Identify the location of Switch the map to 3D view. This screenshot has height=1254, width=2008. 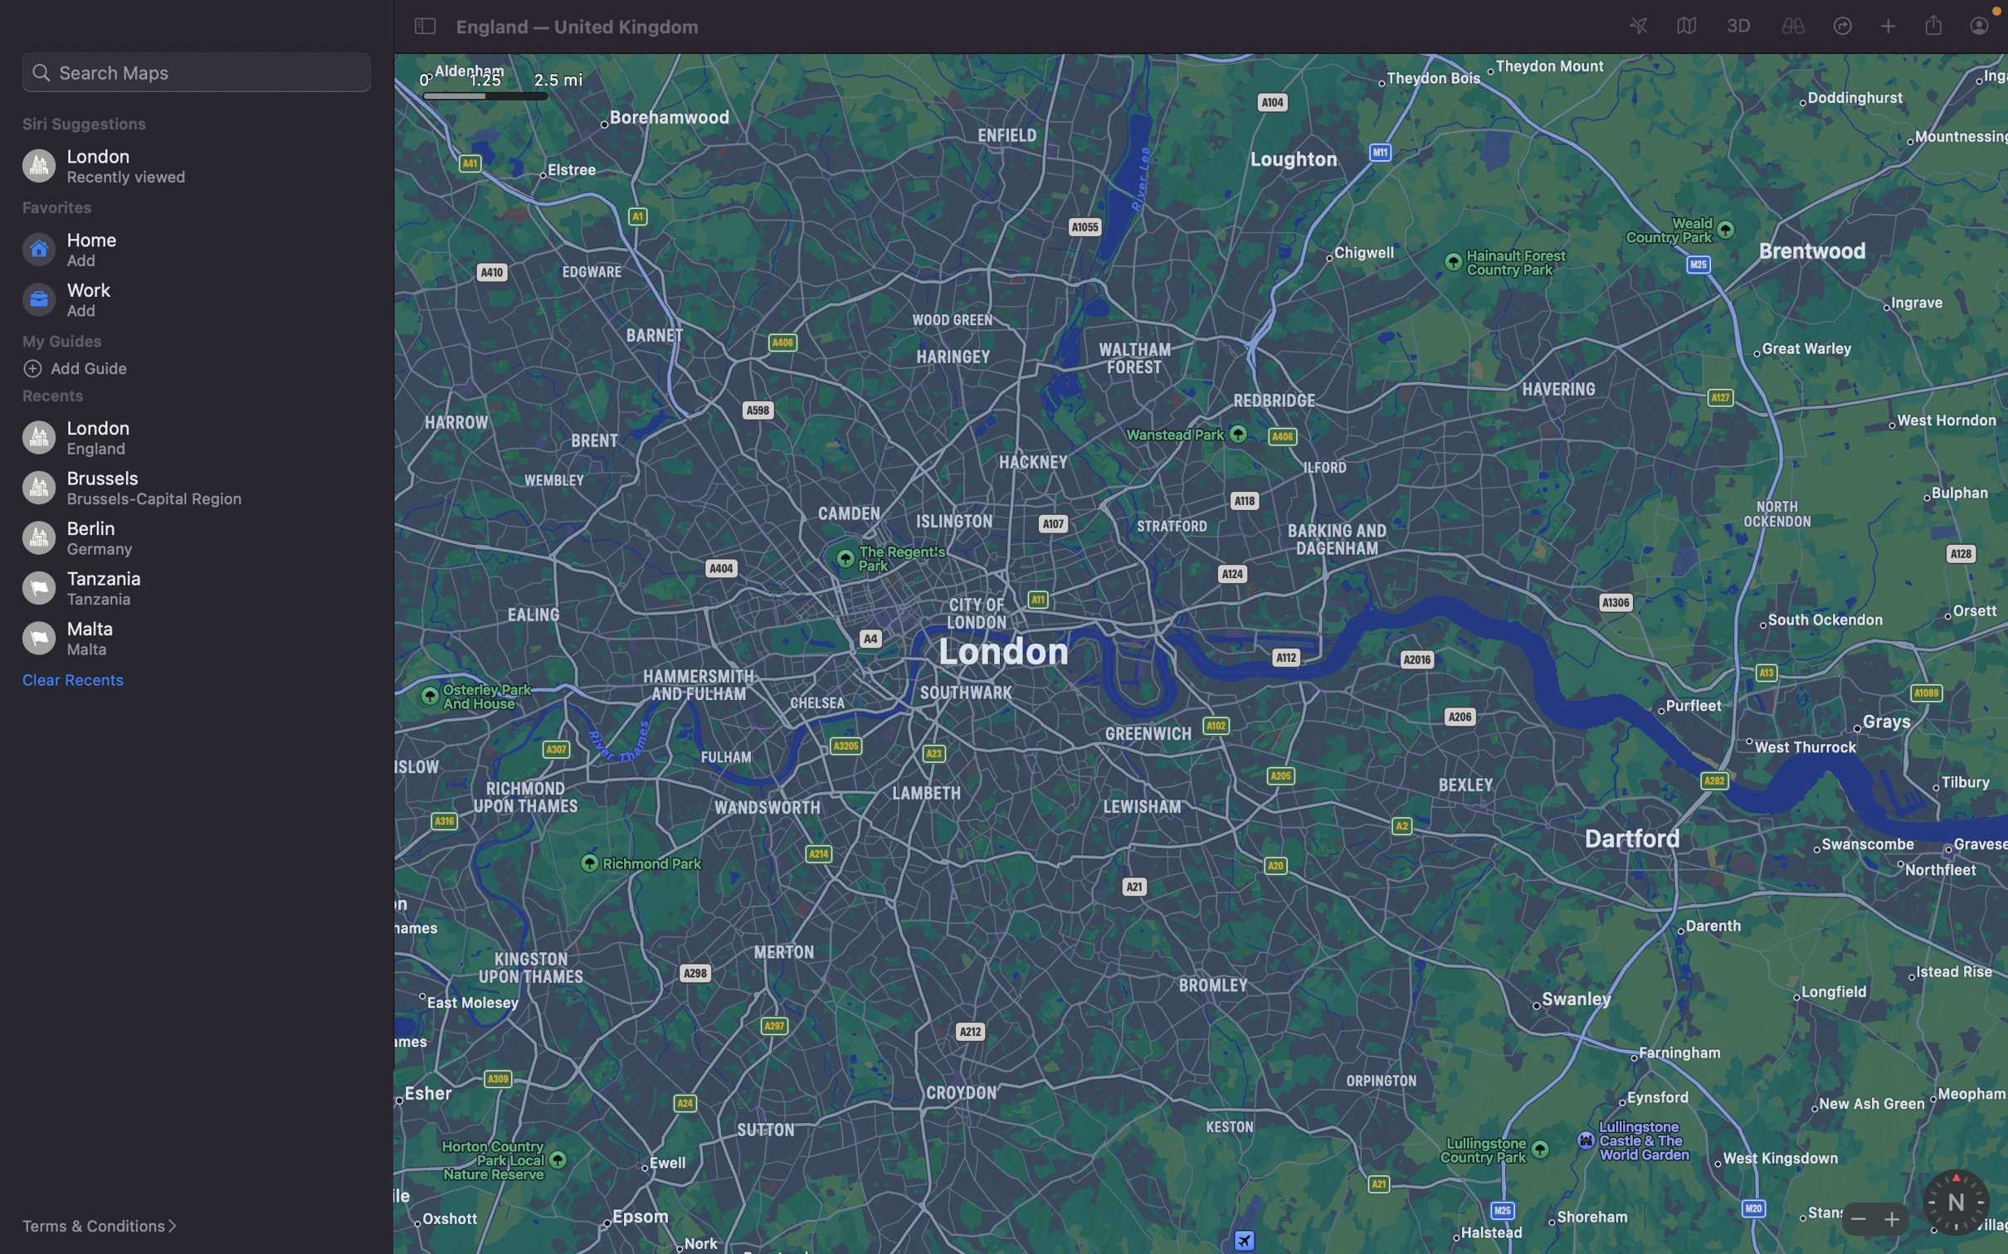
(1737, 24).